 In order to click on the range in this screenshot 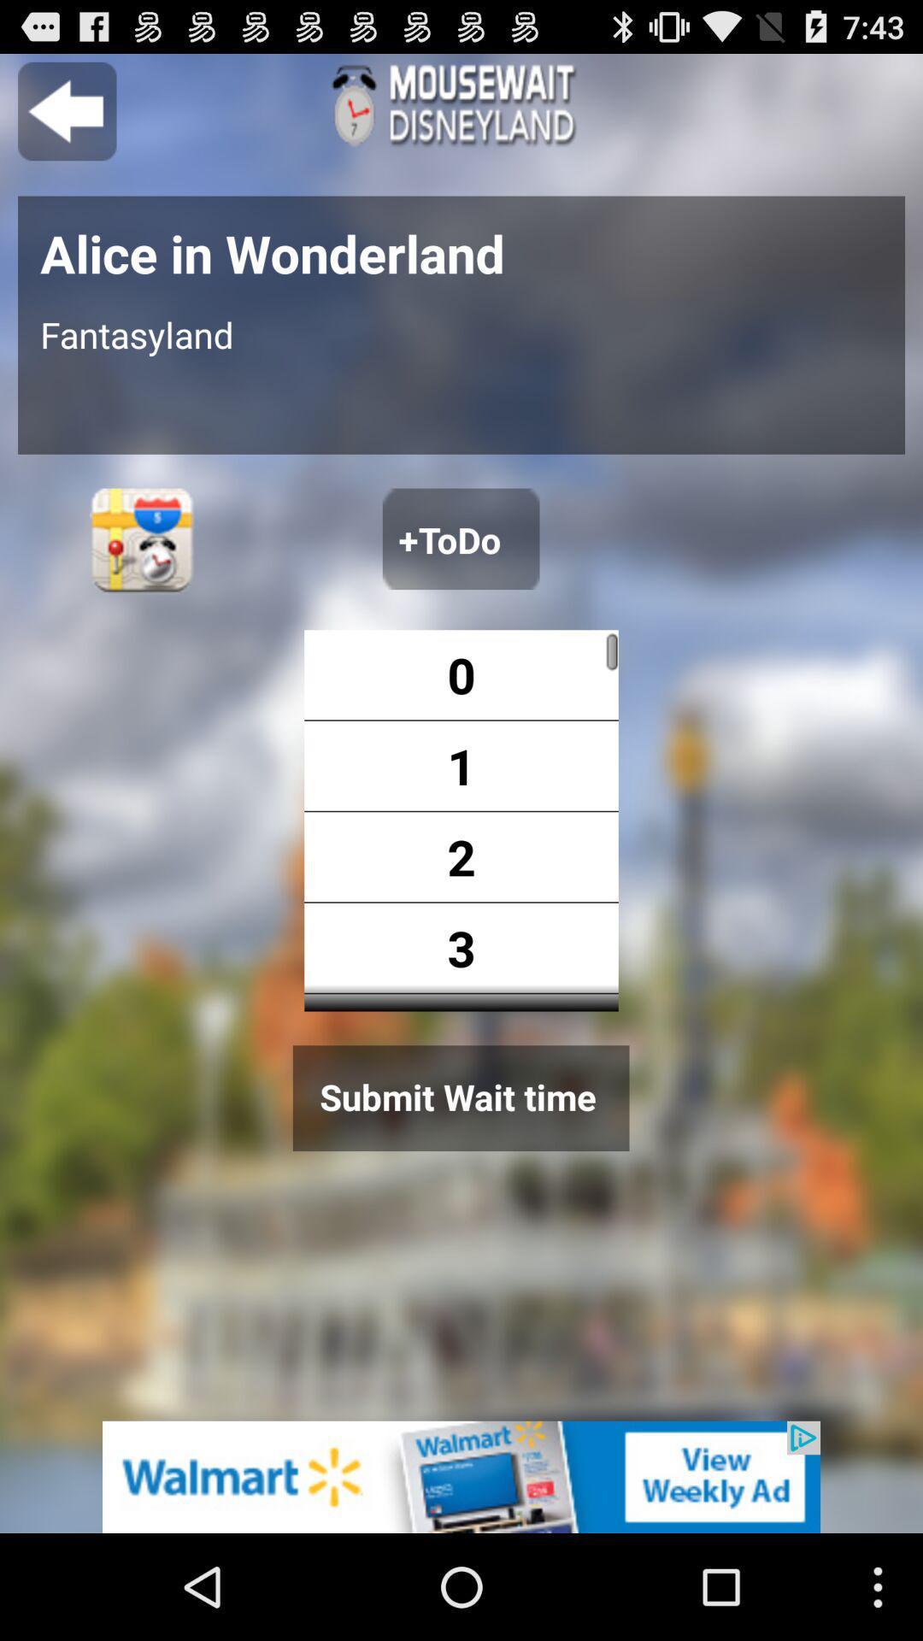, I will do `click(562, 820)`.